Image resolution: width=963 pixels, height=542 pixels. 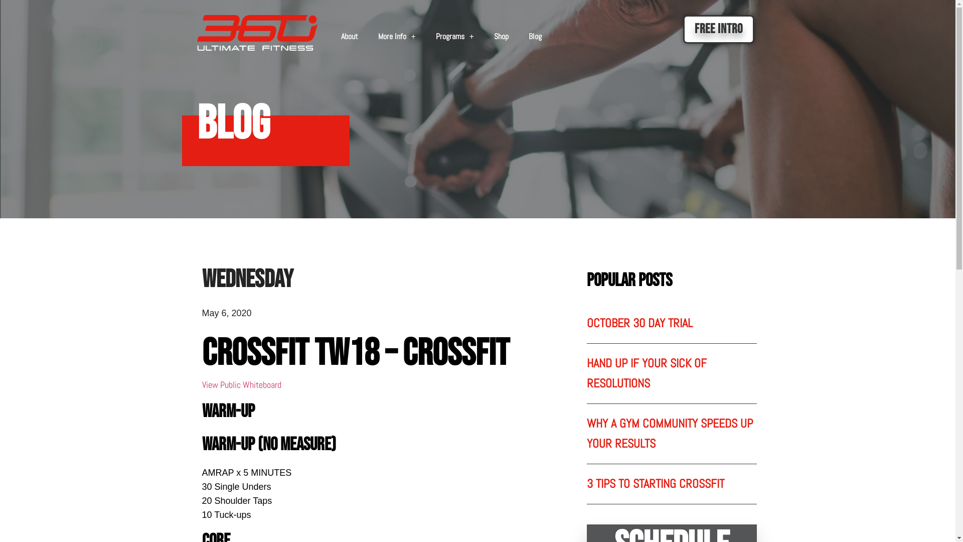 I want to click on 'About', so click(x=349, y=36).